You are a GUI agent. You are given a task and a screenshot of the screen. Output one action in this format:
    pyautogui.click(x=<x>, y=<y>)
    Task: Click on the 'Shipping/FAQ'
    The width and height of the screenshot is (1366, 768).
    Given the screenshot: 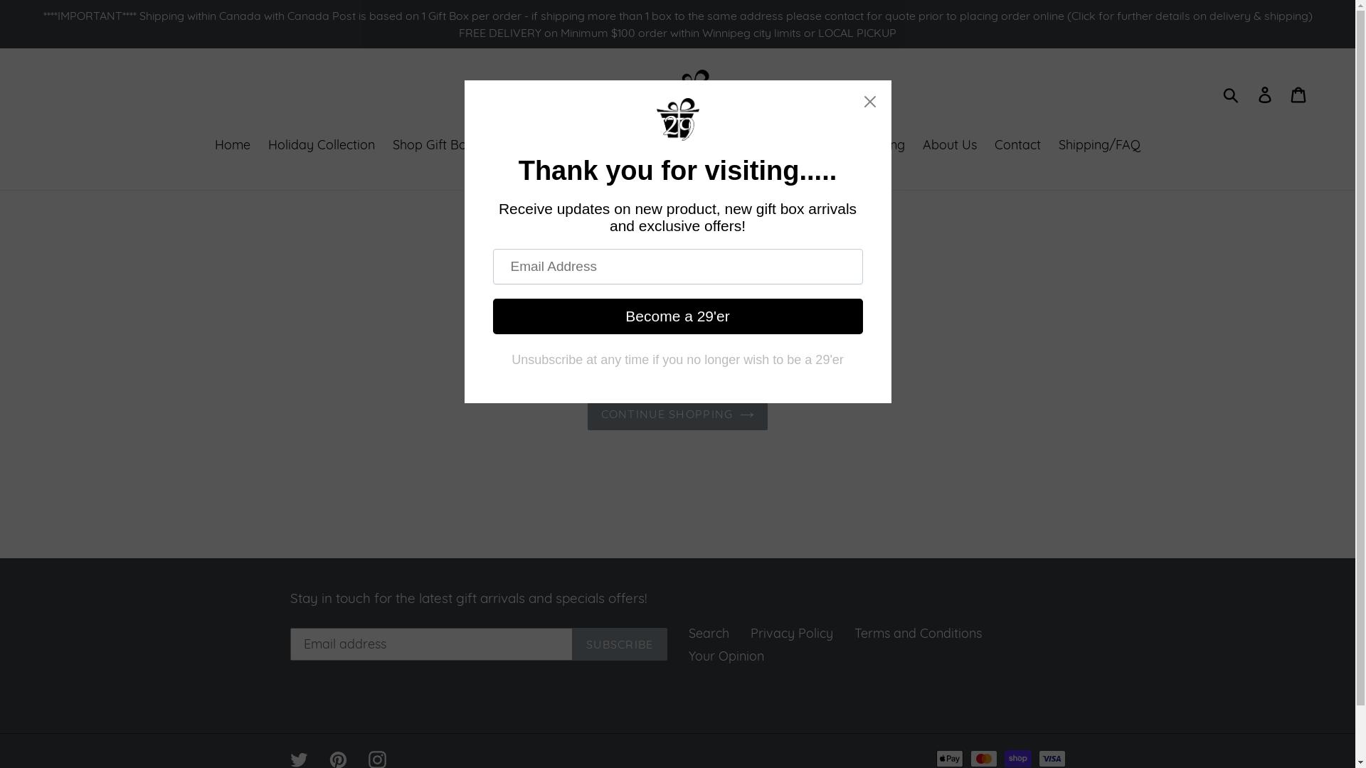 What is the action you would take?
    pyautogui.click(x=1098, y=145)
    